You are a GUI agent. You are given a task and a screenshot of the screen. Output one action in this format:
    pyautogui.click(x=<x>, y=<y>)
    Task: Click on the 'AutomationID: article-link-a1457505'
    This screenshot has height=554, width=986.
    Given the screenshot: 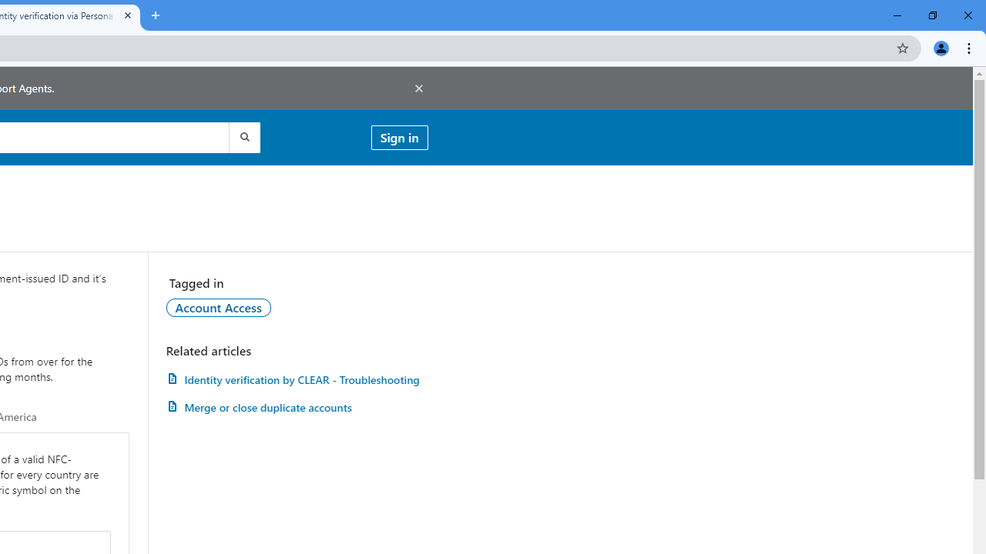 What is the action you would take?
    pyautogui.click(x=297, y=379)
    